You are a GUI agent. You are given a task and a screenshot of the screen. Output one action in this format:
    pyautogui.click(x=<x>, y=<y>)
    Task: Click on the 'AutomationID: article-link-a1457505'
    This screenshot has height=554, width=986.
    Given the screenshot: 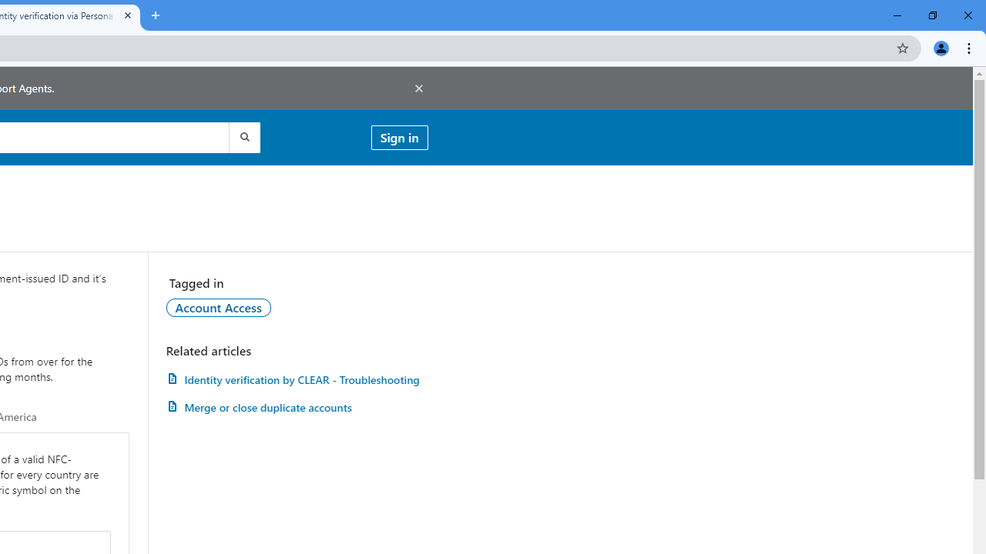 What is the action you would take?
    pyautogui.click(x=297, y=379)
    